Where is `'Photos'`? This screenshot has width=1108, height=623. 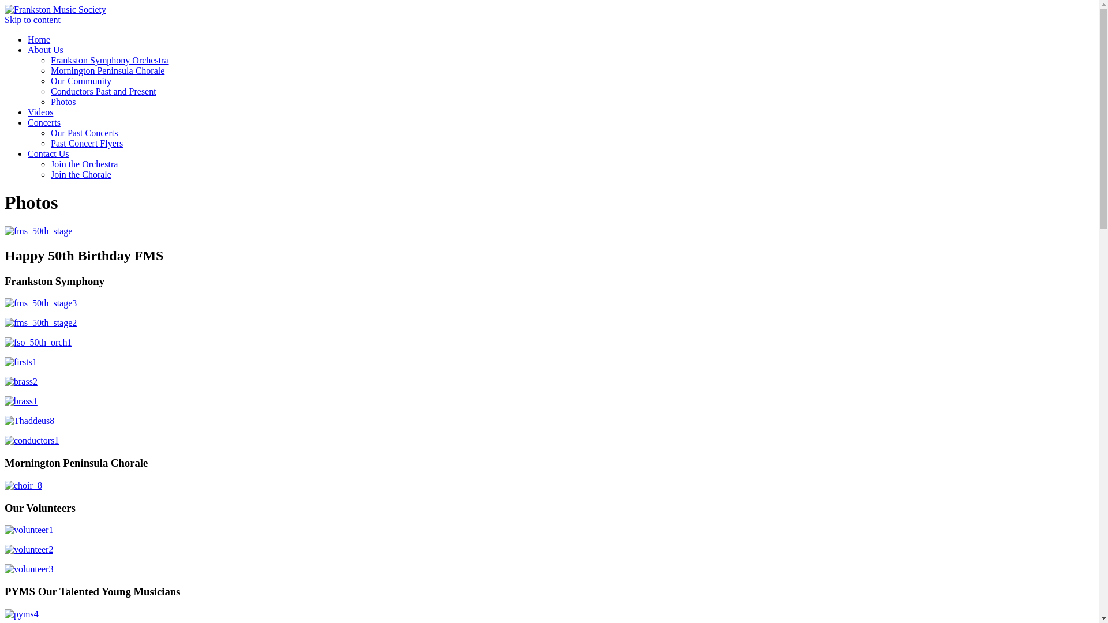
'Photos' is located at coordinates (63, 101).